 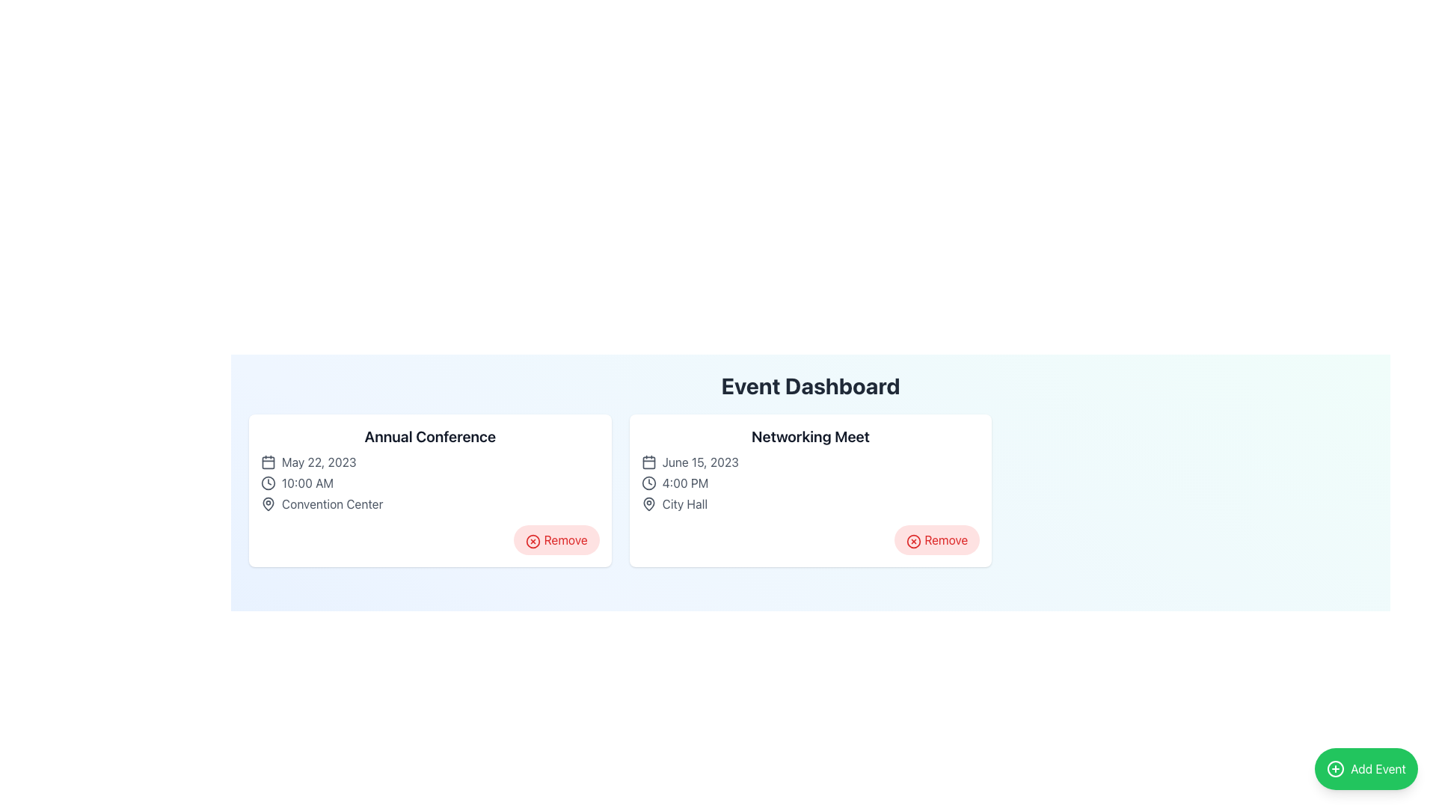 What do you see at coordinates (269, 461) in the screenshot?
I see `the rectangle with rounded corners that is part of the calendar icon on the left side of the date information in the 'Annual Conference' card` at bounding box center [269, 461].